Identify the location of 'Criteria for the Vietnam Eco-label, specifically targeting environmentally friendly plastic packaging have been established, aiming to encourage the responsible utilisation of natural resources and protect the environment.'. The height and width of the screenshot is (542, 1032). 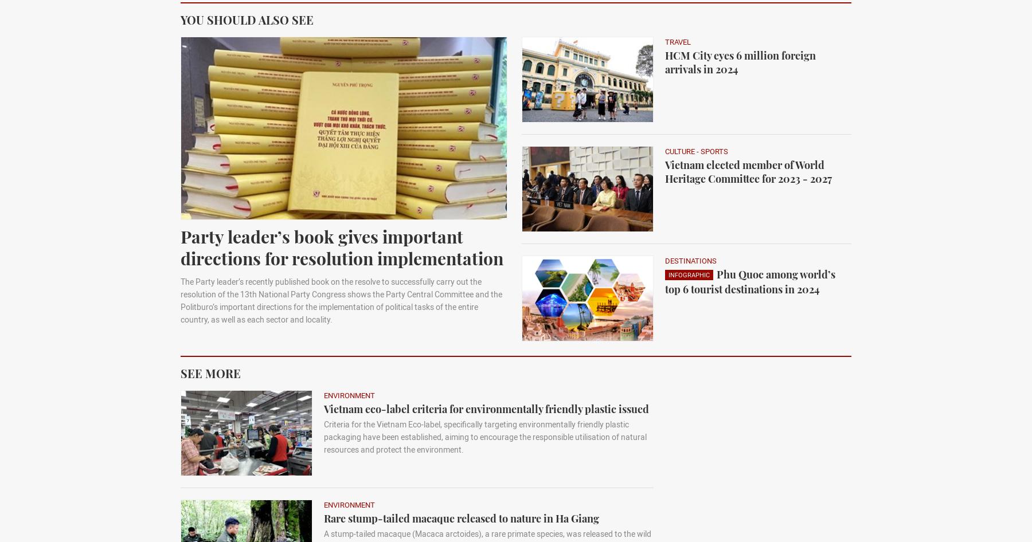
(485, 437).